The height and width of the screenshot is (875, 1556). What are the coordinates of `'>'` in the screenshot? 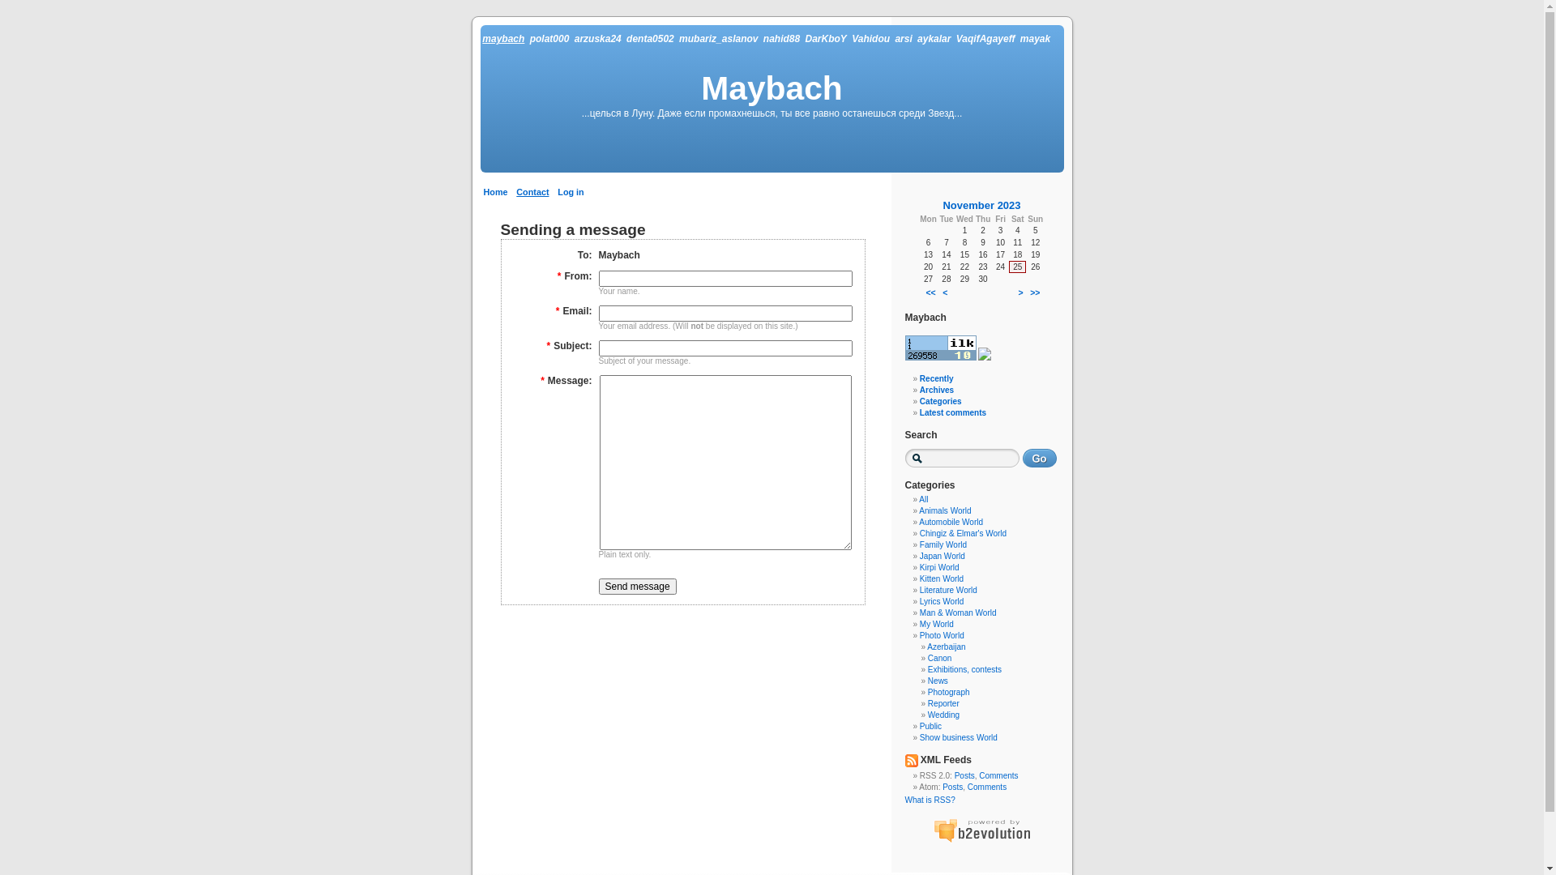 It's located at (1020, 292).